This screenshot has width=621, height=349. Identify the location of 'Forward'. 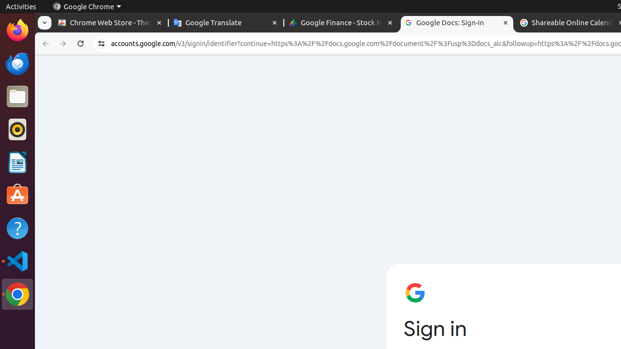
(63, 44).